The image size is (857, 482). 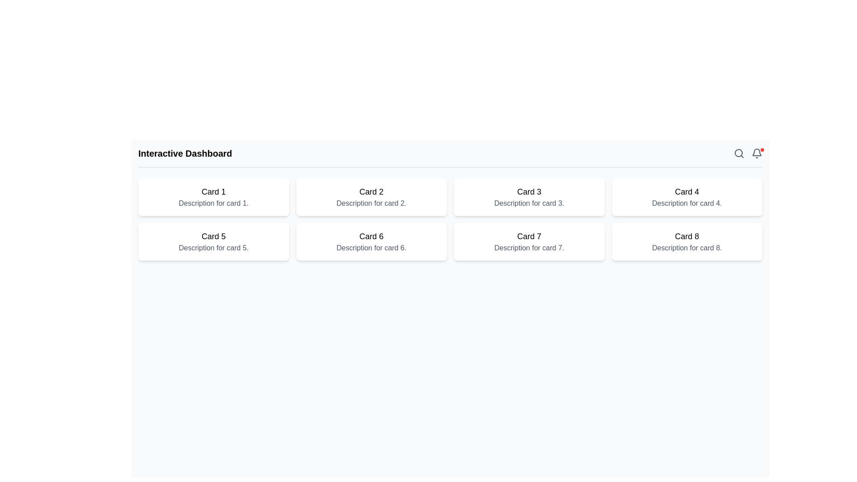 What do you see at coordinates (756, 153) in the screenshot?
I see `the notification bell icon located at the top-right corner of the interface` at bounding box center [756, 153].